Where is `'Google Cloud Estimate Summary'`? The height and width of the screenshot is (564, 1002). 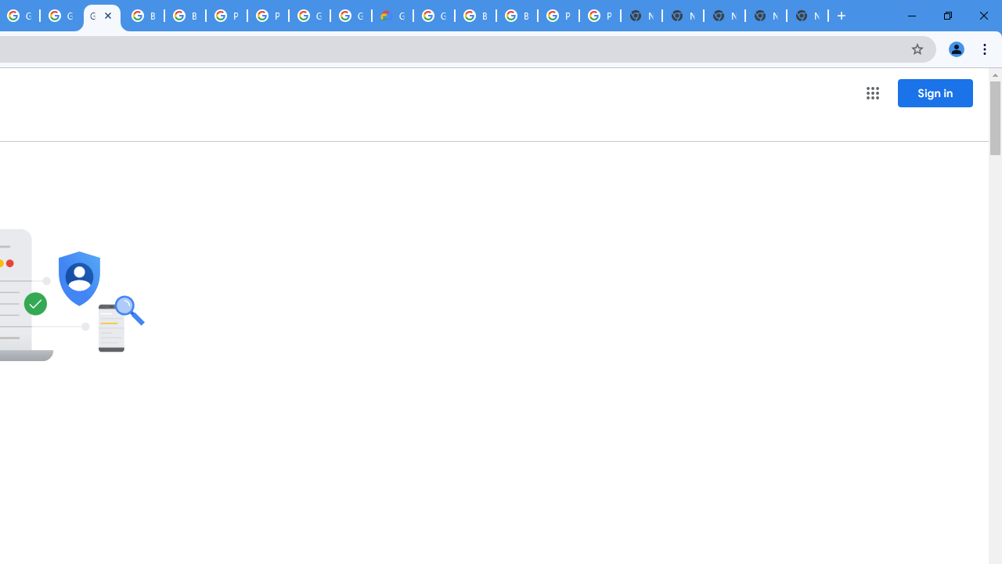
'Google Cloud Estimate Summary' is located at coordinates (392, 16).